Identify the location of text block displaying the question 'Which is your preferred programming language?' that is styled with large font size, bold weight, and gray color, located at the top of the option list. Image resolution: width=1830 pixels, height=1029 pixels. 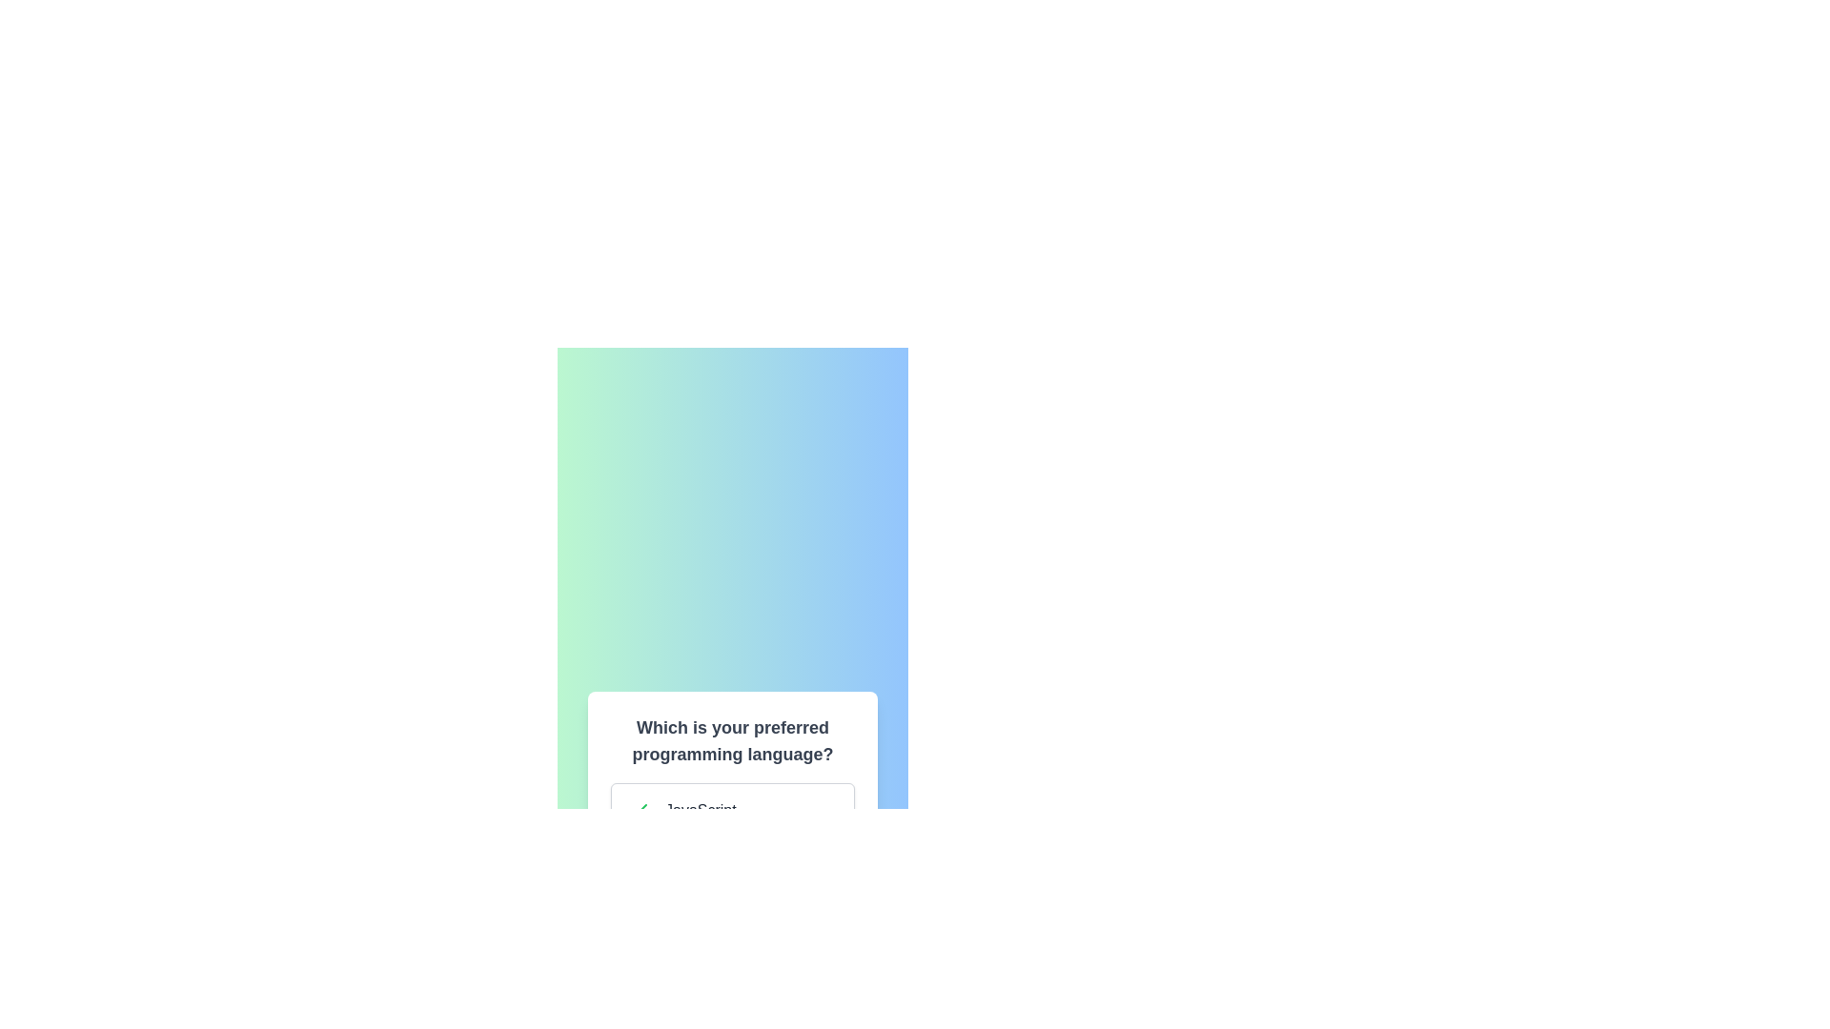
(731, 740).